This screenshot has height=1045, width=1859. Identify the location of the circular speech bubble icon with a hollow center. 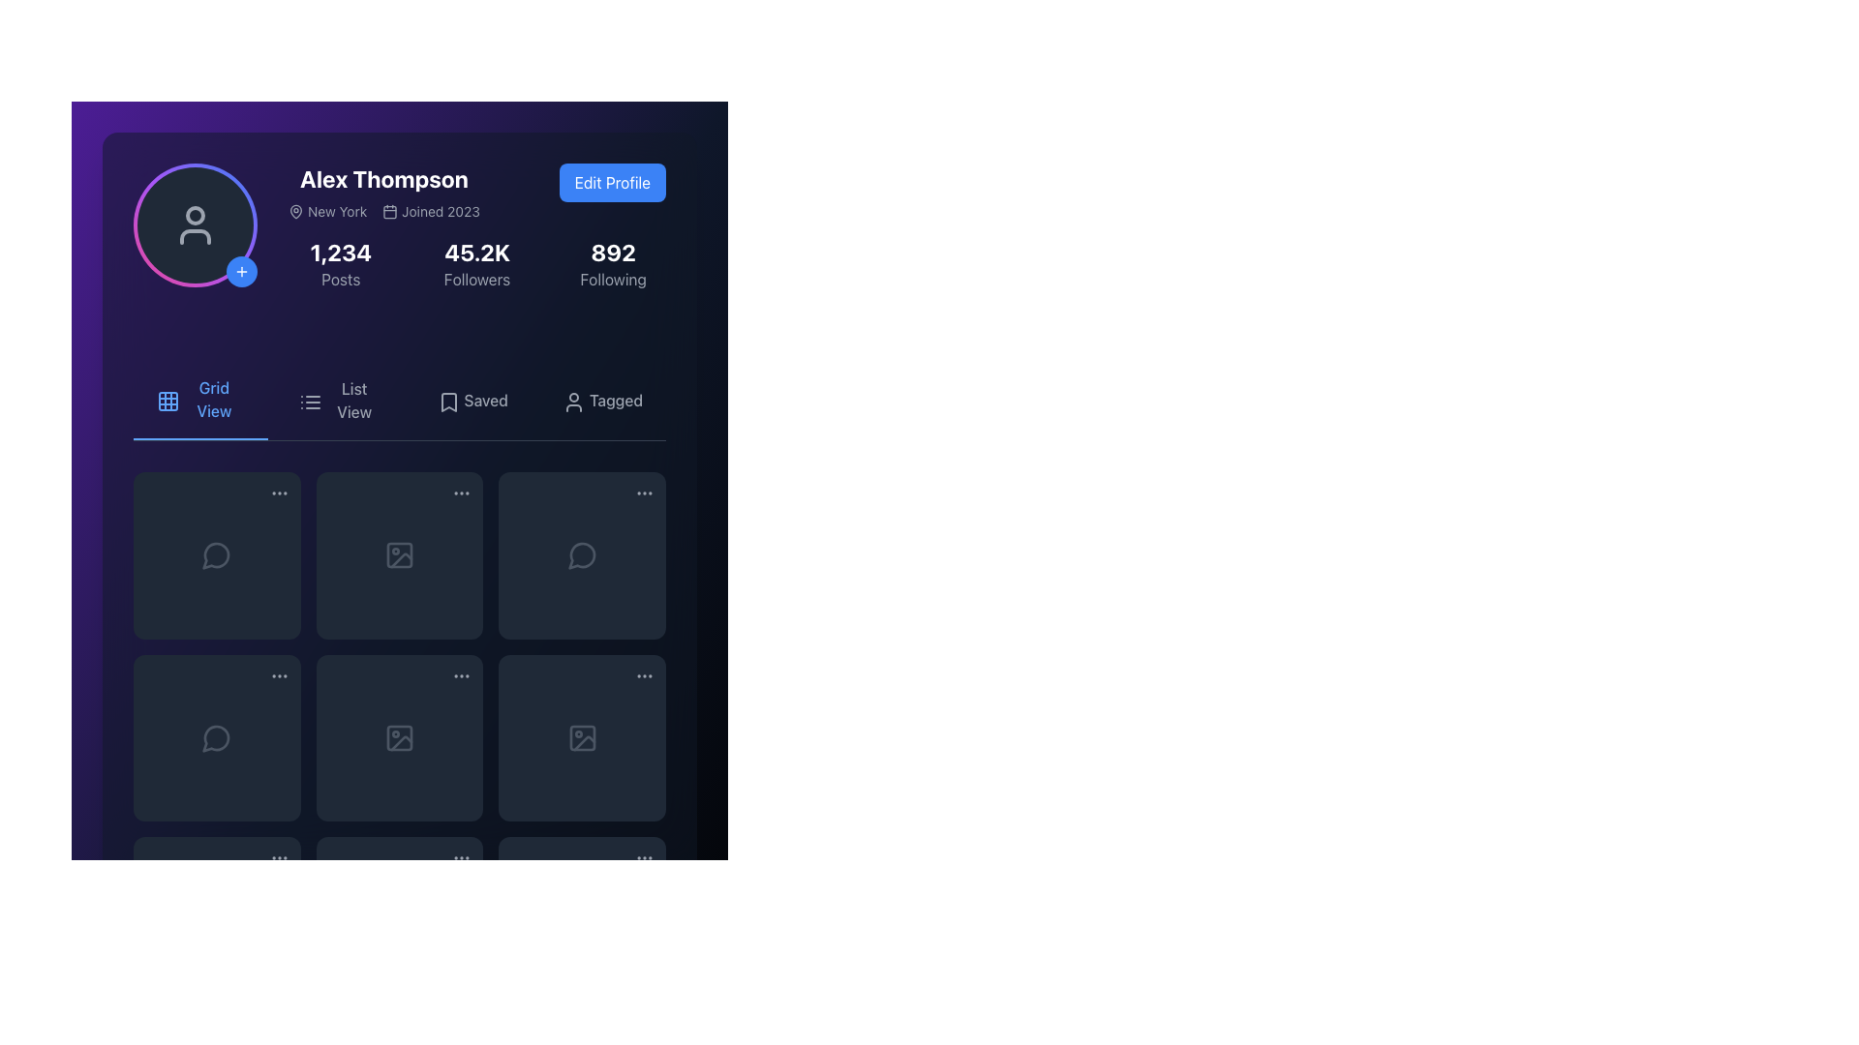
(216, 555).